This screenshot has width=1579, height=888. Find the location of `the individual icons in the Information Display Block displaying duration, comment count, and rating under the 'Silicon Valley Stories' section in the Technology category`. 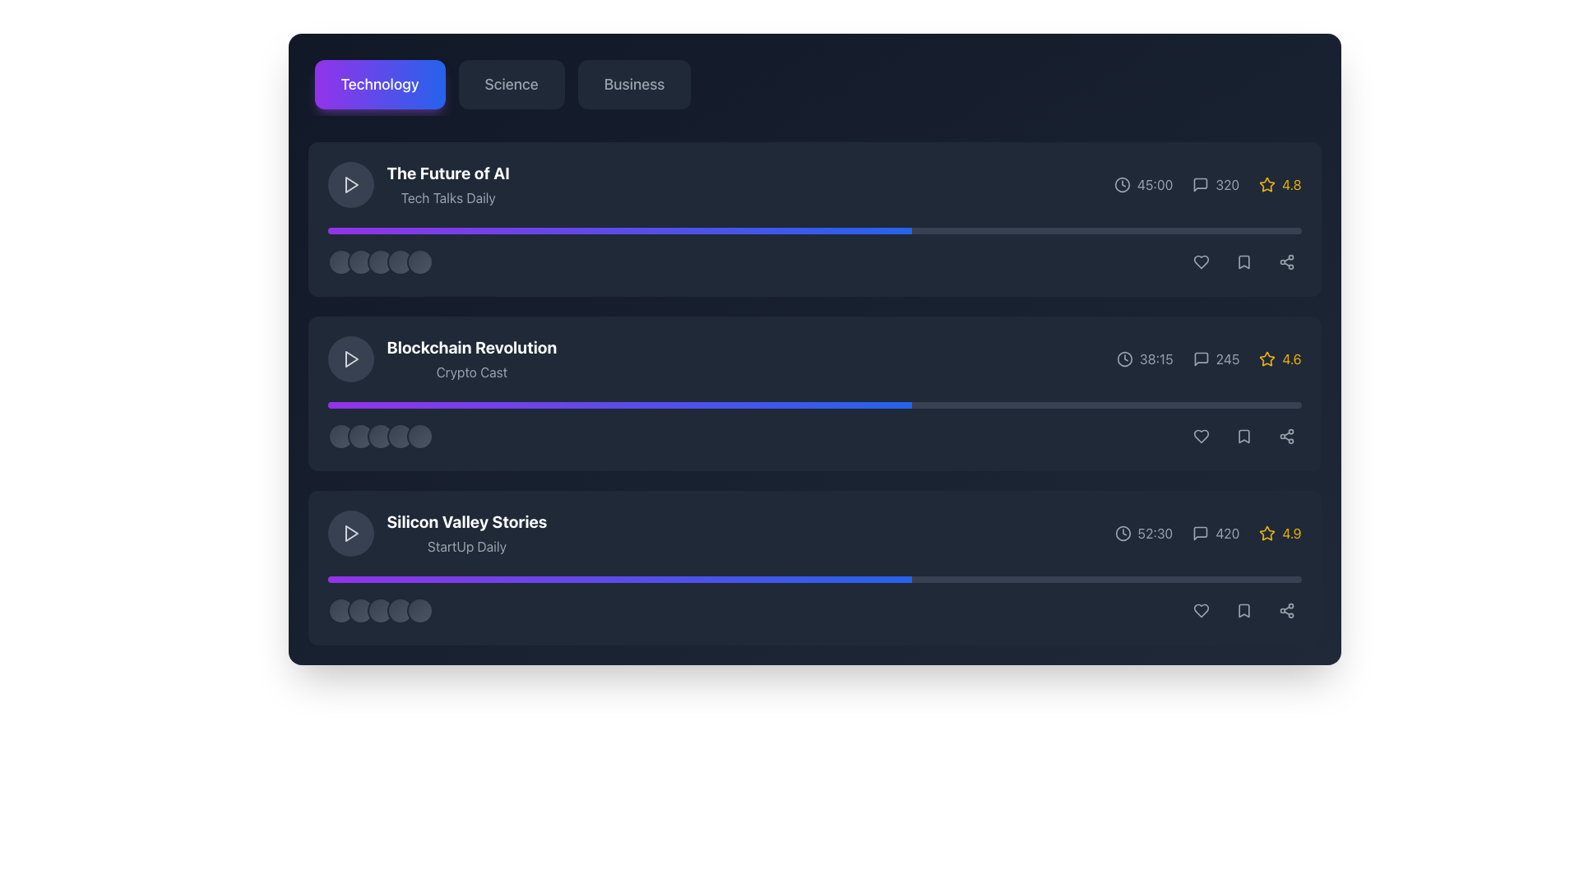

the individual icons in the Information Display Block displaying duration, comment count, and rating under the 'Silicon Valley Stories' section in the Technology category is located at coordinates (1207, 533).